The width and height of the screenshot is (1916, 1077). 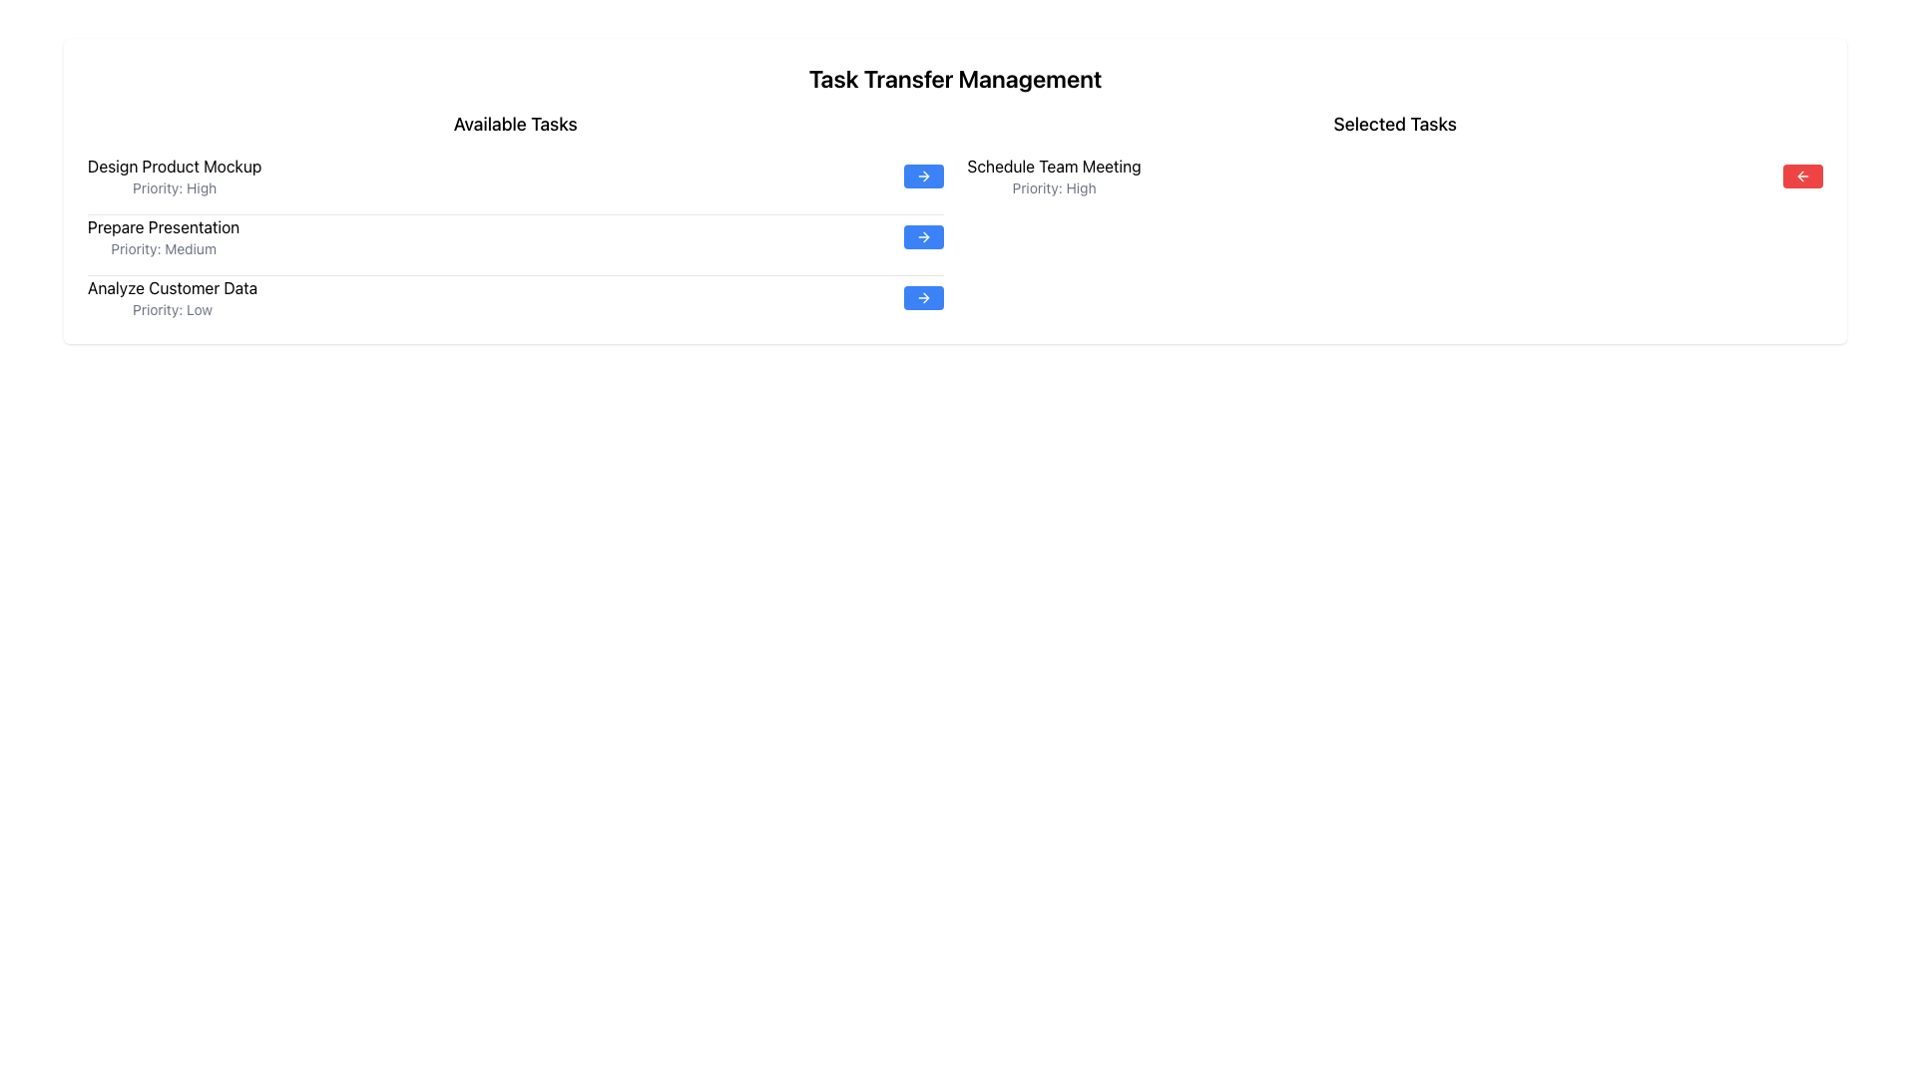 I want to click on information displayed in the first task item located in the 'Available Tasks' section, which includes the task title and priority, so click(x=175, y=176).